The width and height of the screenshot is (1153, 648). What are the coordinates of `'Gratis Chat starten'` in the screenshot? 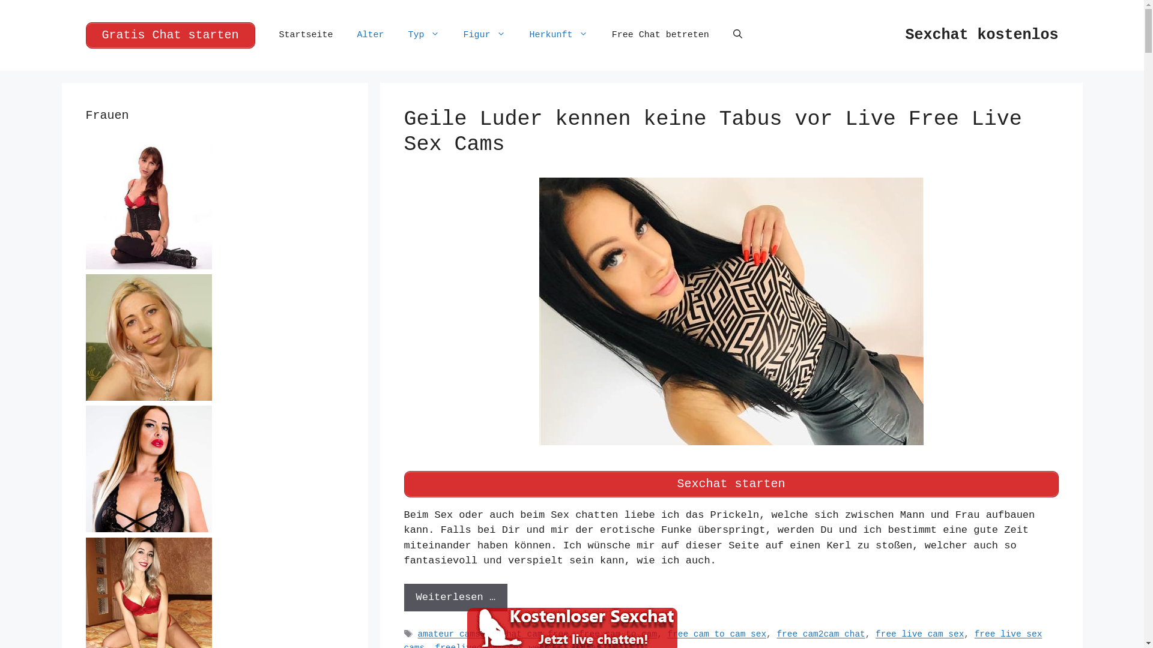 It's located at (85, 34).